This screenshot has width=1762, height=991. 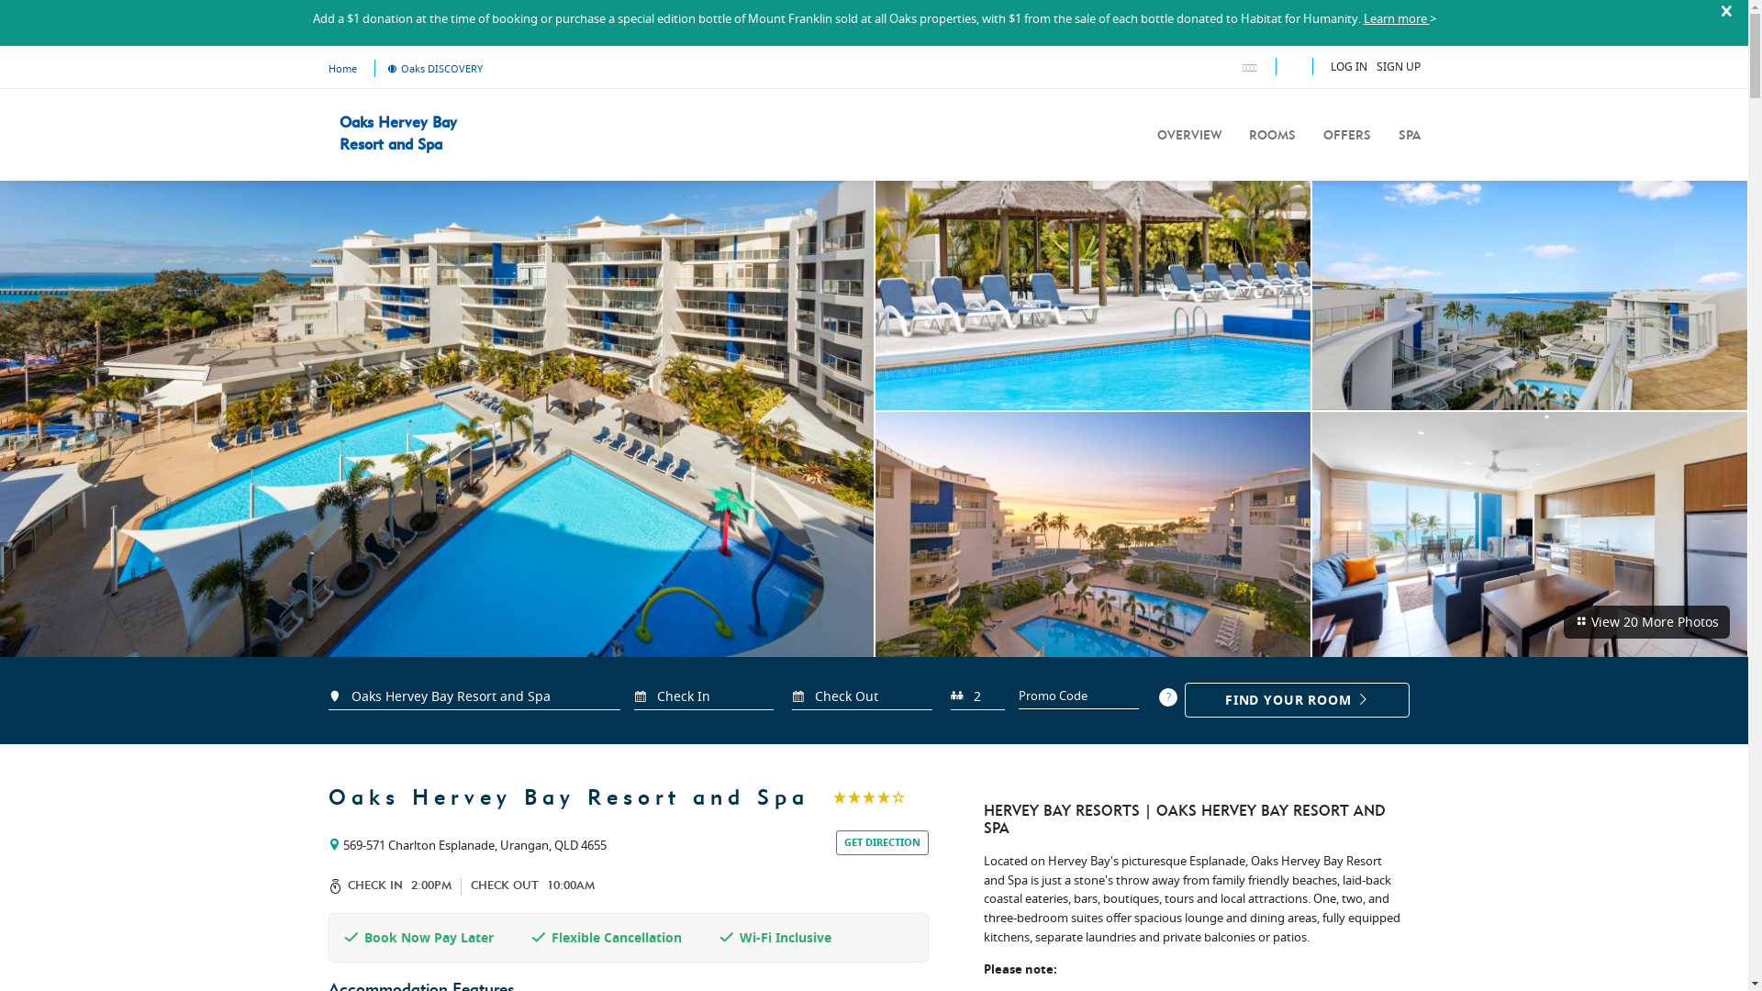 I want to click on 'OFFERS', so click(x=1347, y=134).